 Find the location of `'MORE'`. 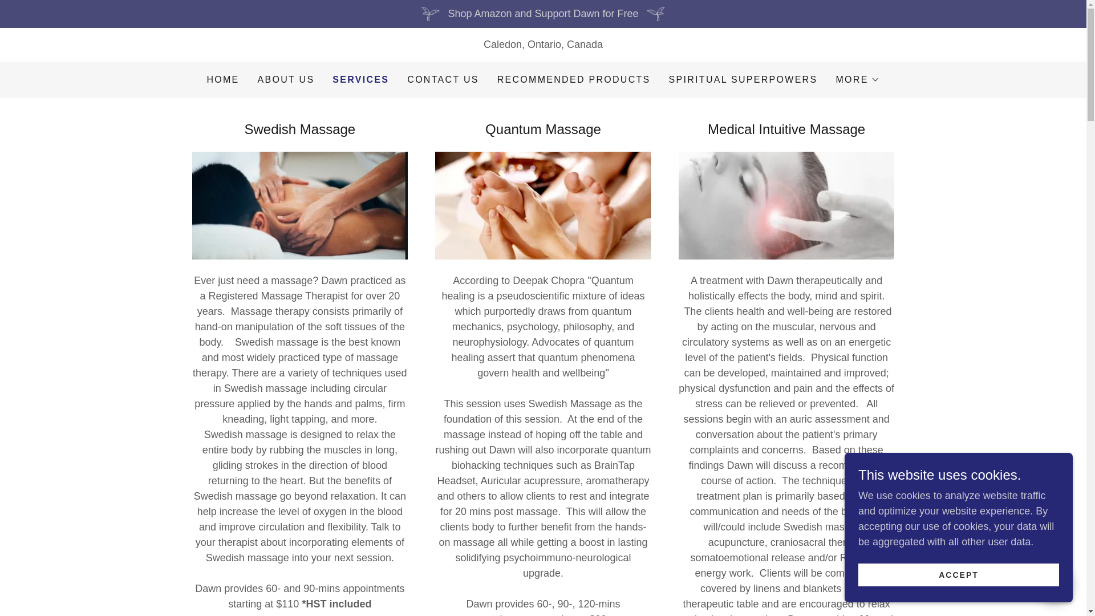

'MORE' is located at coordinates (857, 79).